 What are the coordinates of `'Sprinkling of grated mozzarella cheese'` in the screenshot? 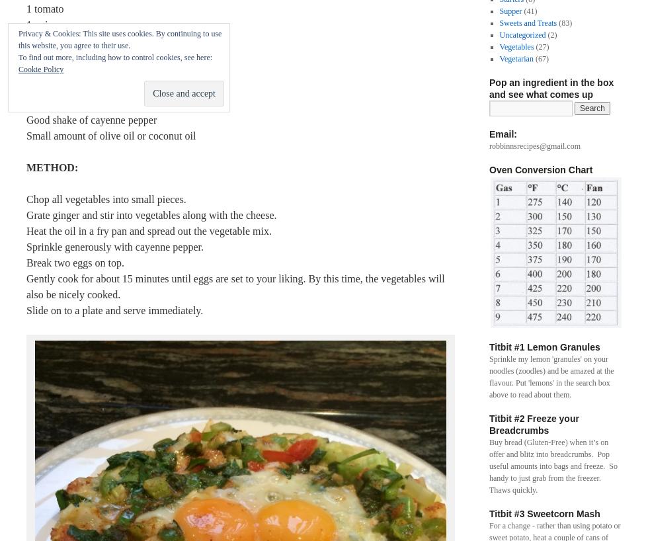 It's located at (108, 88).